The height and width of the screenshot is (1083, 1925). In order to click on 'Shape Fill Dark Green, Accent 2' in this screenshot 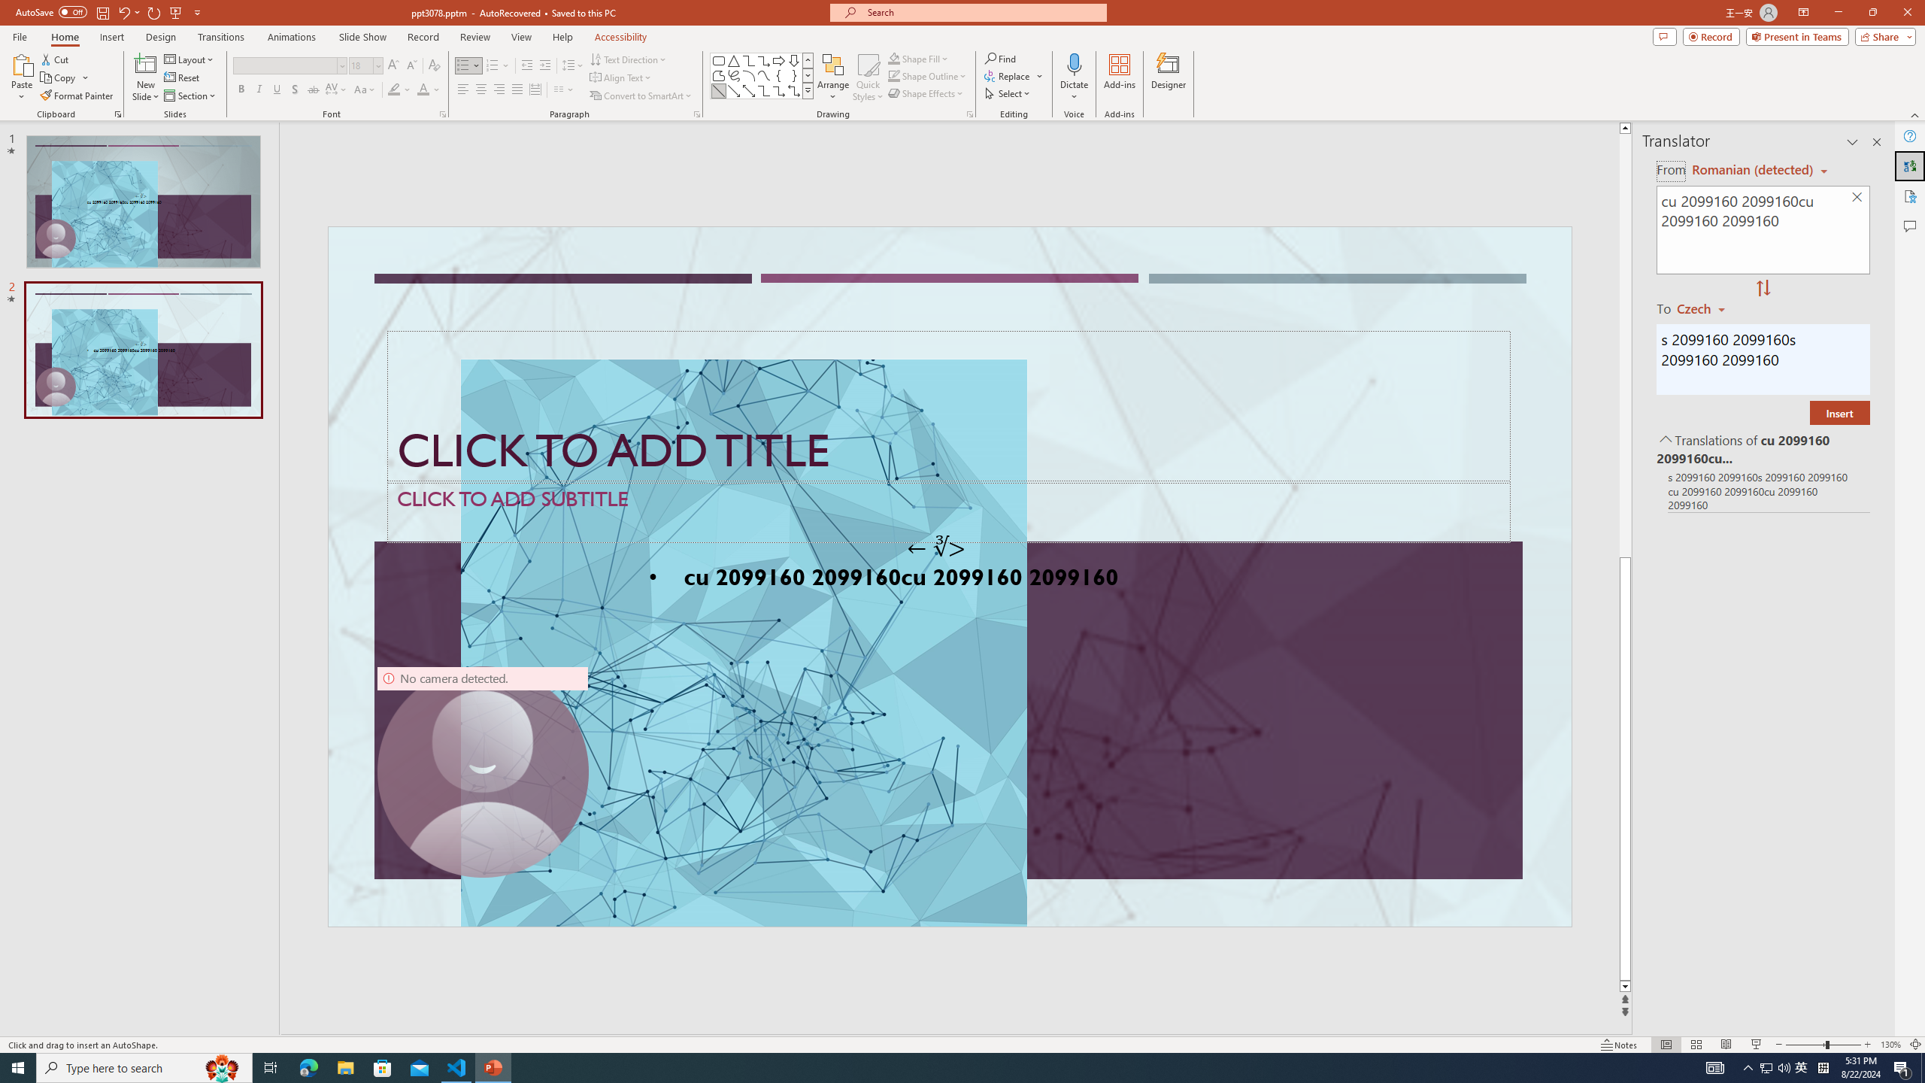, I will do `click(894, 58)`.